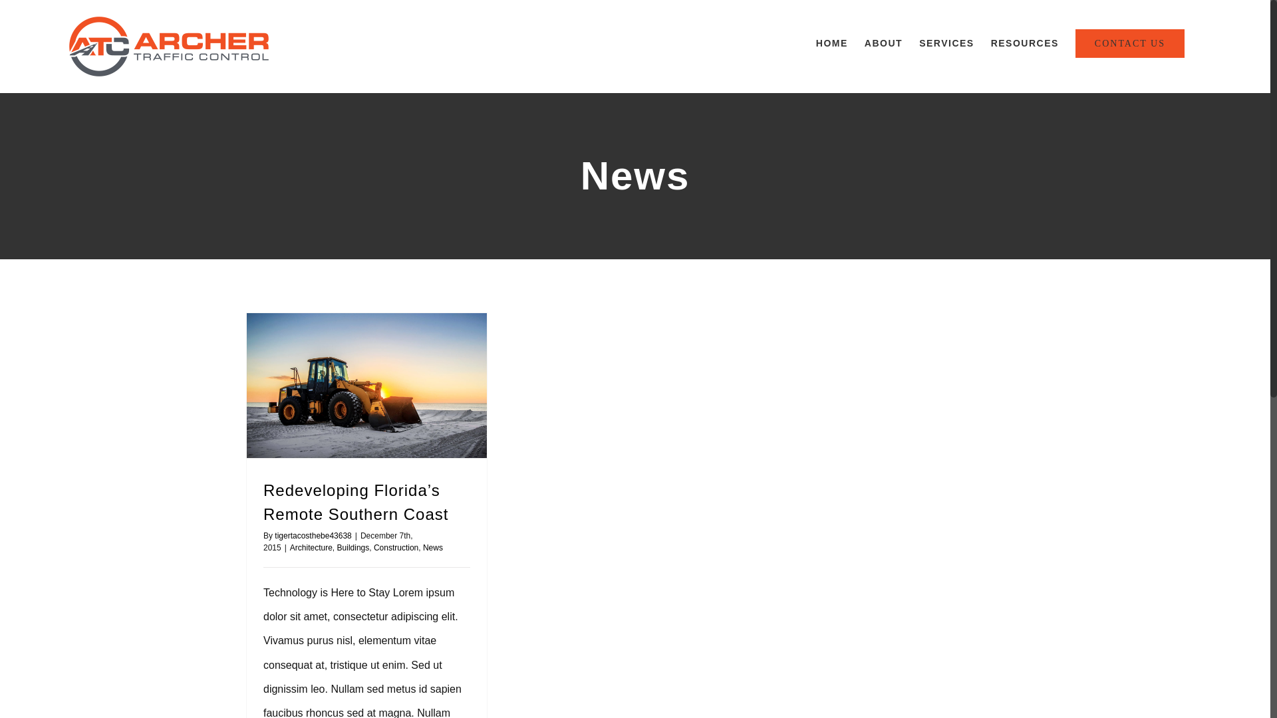  I want to click on 'Construction', so click(395, 548).